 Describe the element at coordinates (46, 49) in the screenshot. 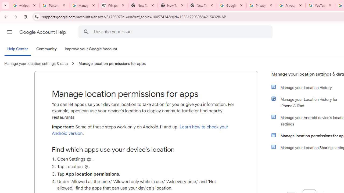

I see `'Community'` at that location.